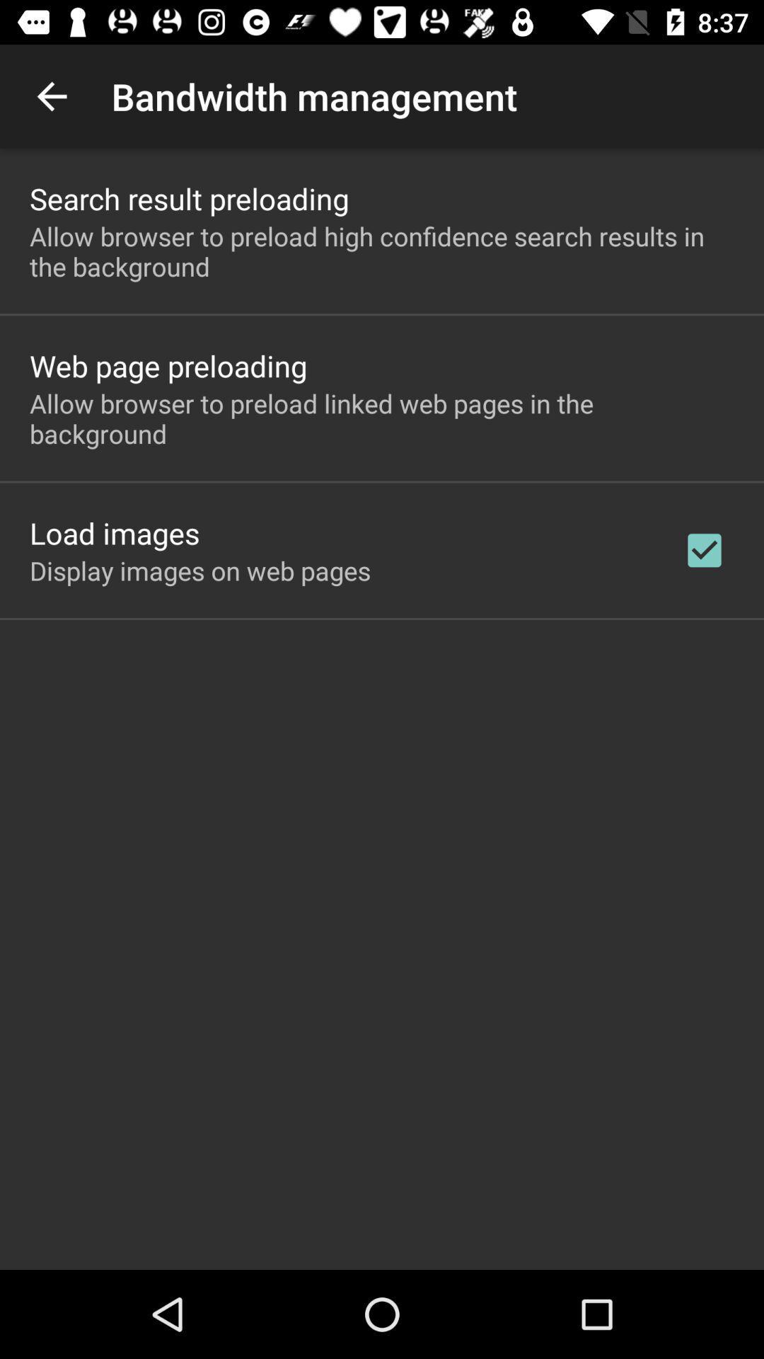 This screenshot has width=764, height=1359. Describe the element at coordinates (51, 96) in the screenshot. I see `the app above the search result preloading icon` at that location.